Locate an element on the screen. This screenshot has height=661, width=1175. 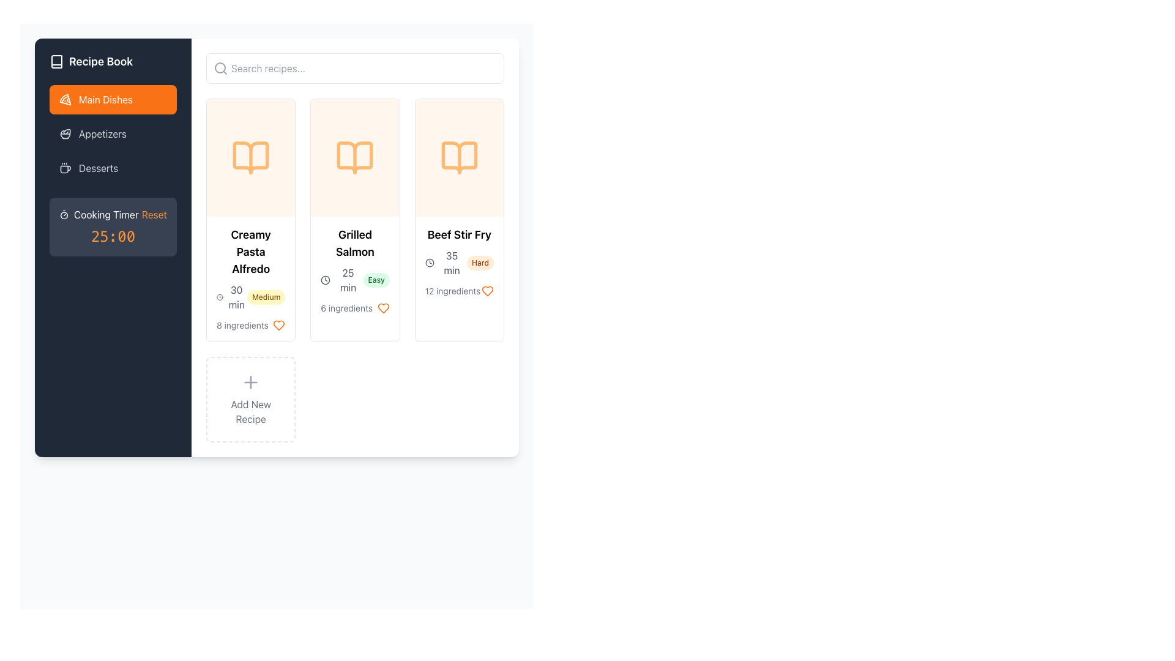
the button labeled 'Add New Recipe' which contains a '+' icon and is positioned in the fourth slot of the grid layout for recipe cards is located at coordinates (250, 399).